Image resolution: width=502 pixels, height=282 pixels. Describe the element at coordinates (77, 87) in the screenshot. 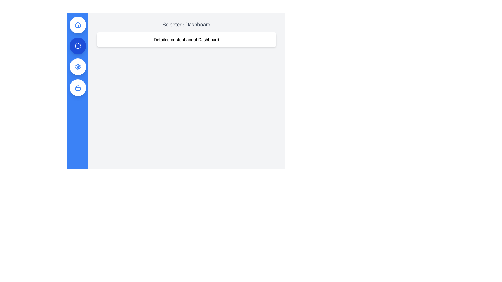

I see `the lock icon, which is a simple blue outlined icon representing a lock, positioned in the vertically stacked navigation bar on the left side of the interface` at that location.